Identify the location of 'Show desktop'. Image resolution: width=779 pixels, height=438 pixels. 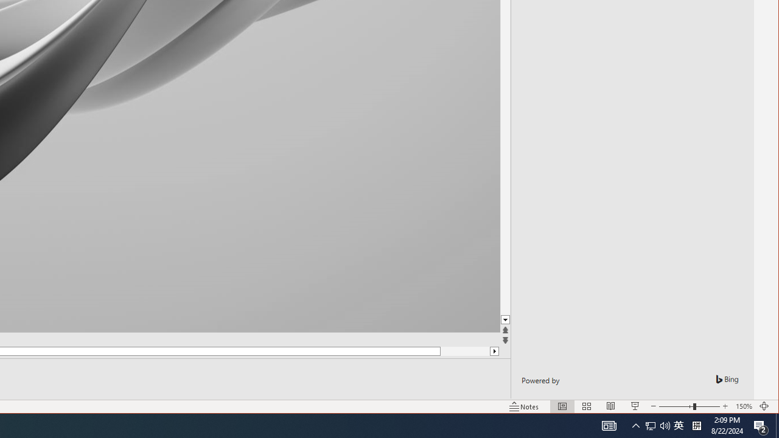
(777, 425).